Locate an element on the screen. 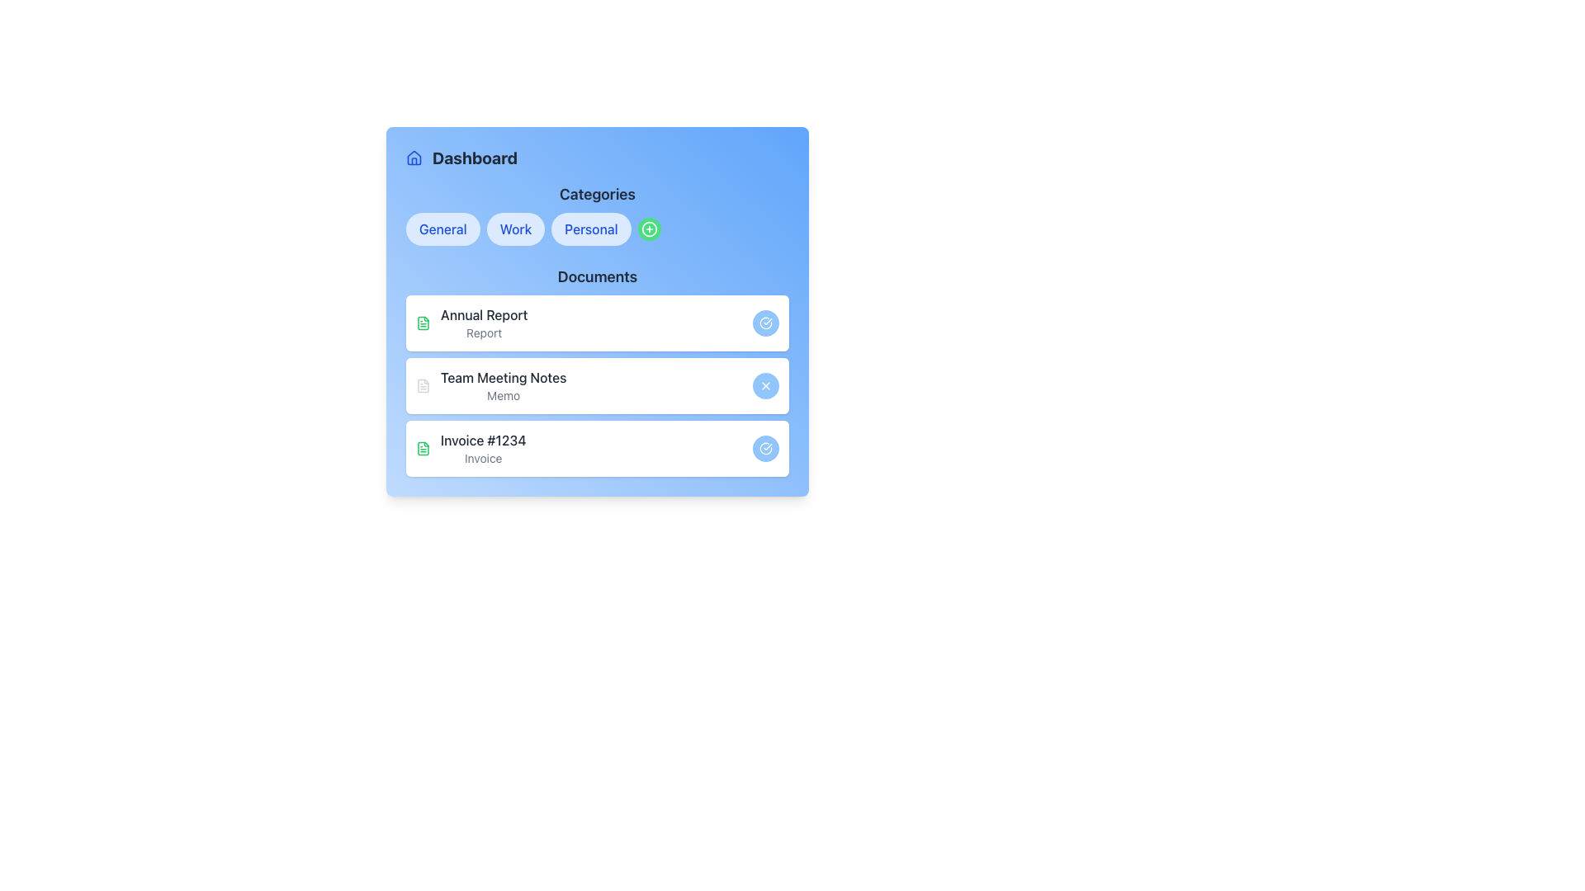 The image size is (1585, 891). the circular button with a light blue background and a white checkmark icon, located on the right side of the 'Annual Report' tile is located at coordinates (764, 323).